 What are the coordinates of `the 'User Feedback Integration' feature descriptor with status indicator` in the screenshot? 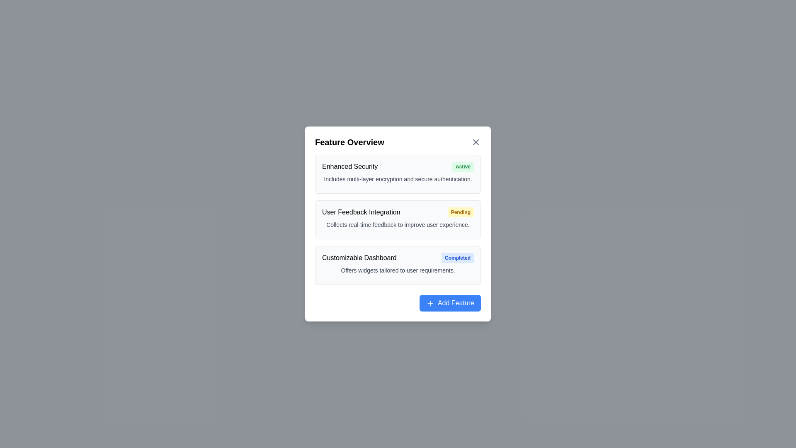 It's located at (398, 212).